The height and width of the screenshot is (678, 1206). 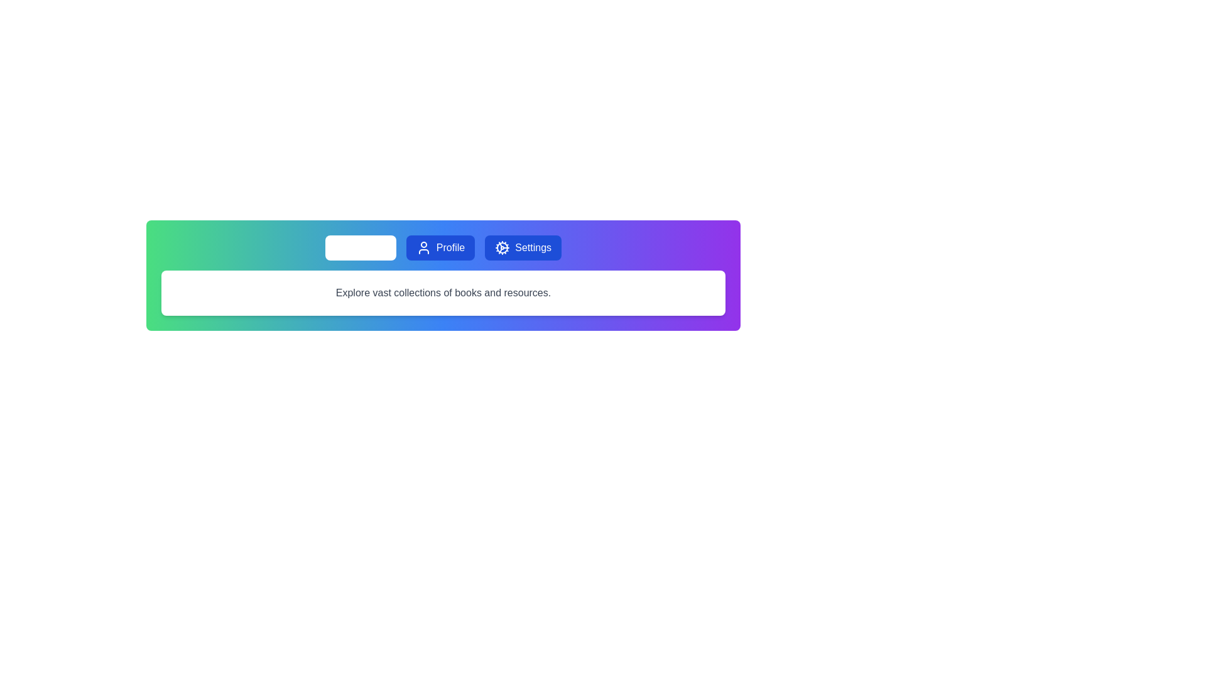 I want to click on the tab labeled Library to switch to the corresponding section, so click(x=360, y=247).